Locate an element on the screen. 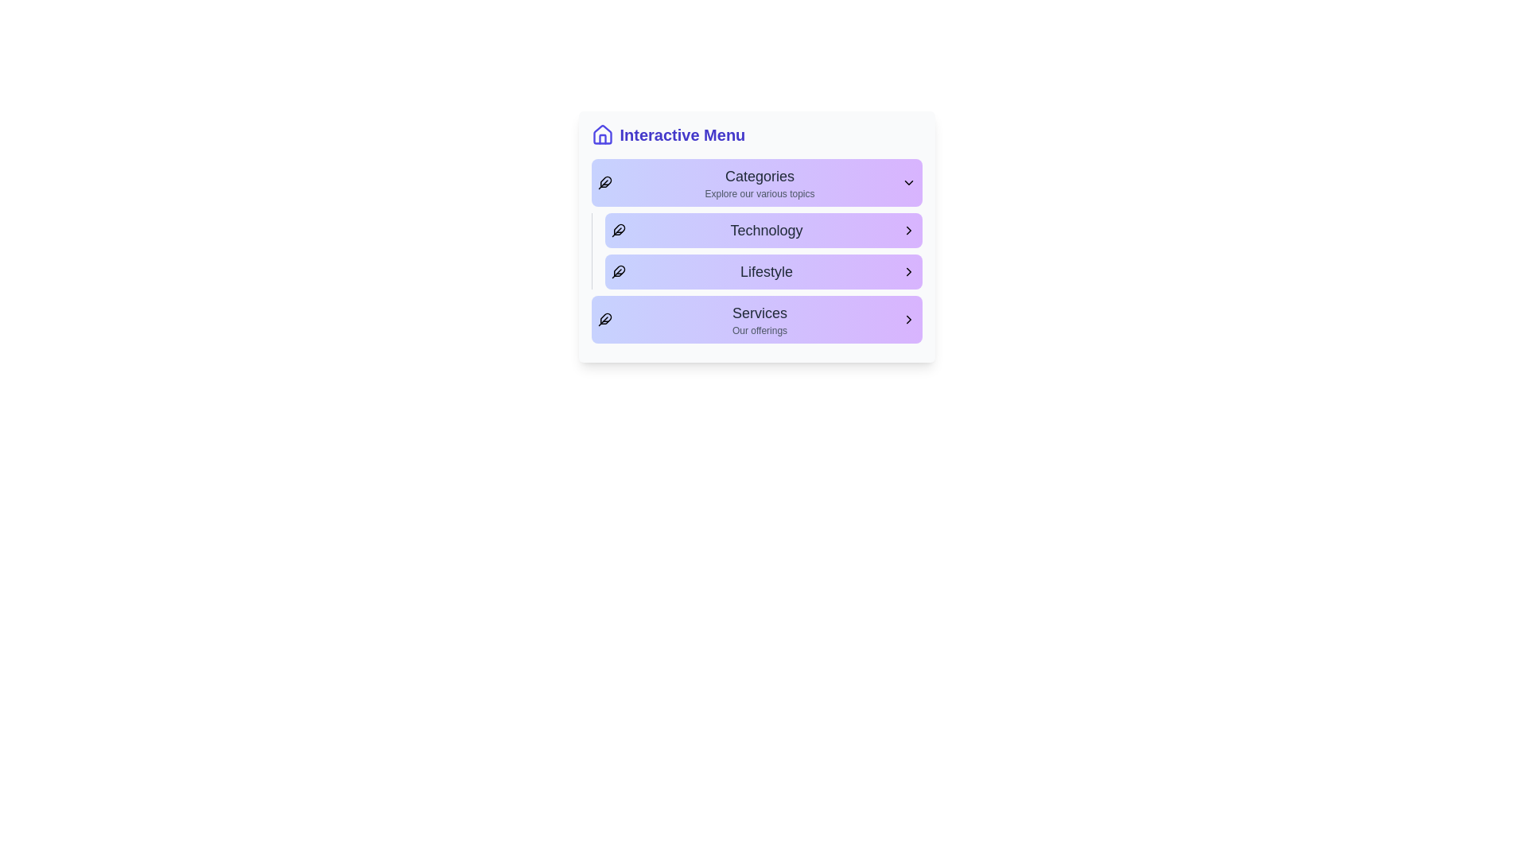  the arrow indicator icon located to the far-right of the 'Services' menu item in the side menu structure is located at coordinates (908, 319).